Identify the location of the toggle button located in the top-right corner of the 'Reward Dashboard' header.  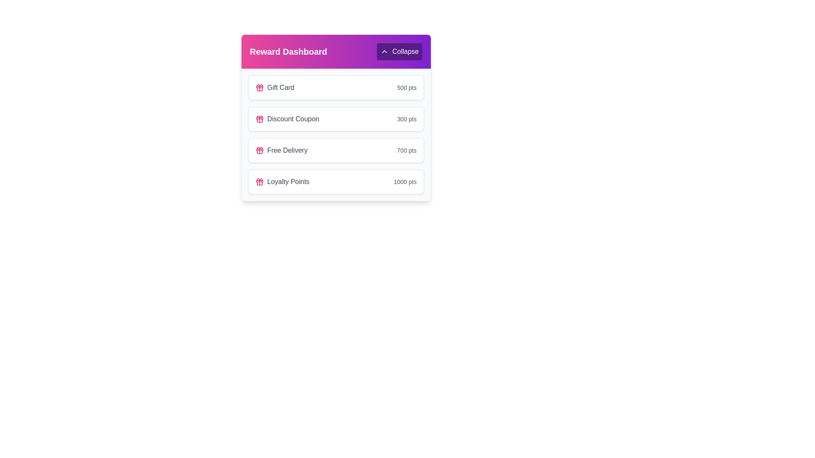
(399, 52).